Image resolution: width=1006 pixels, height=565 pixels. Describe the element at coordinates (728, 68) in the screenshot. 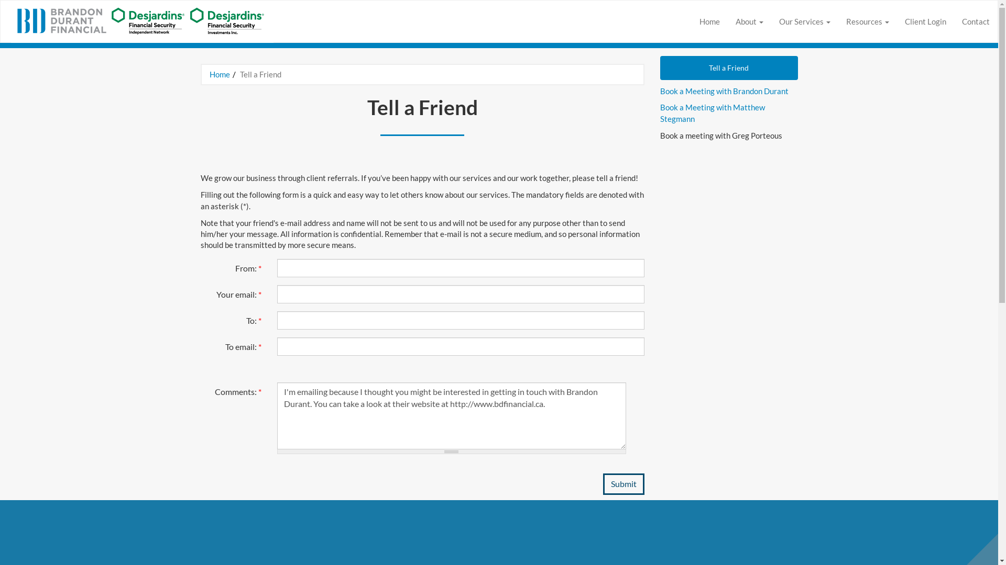

I see `'Tell a Friend'` at that location.